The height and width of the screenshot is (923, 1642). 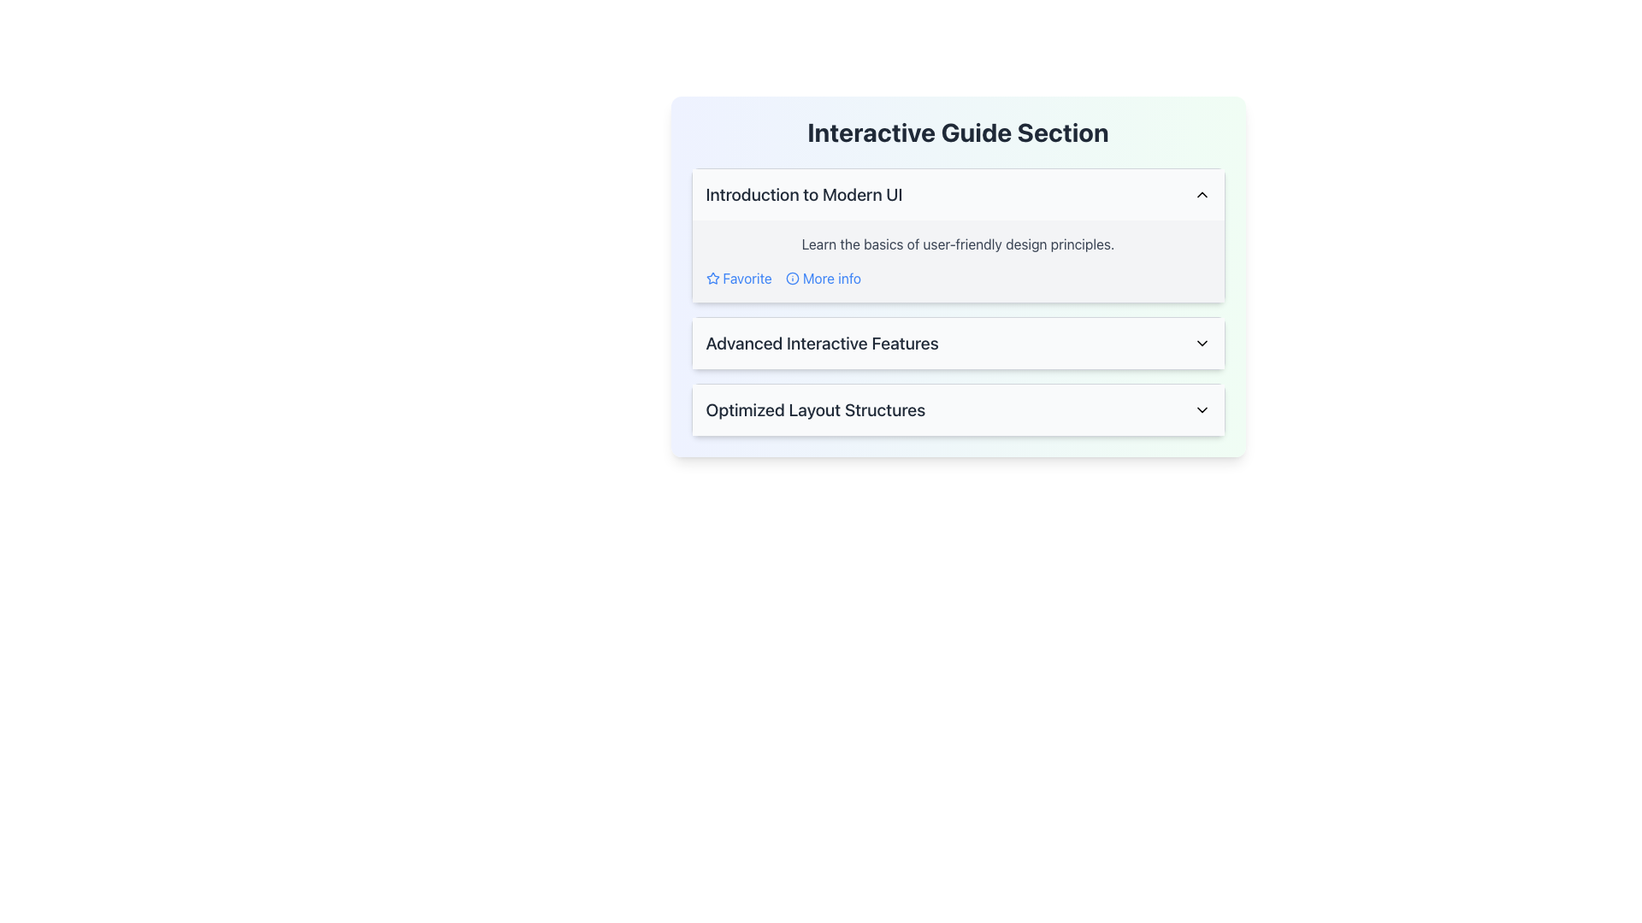 What do you see at coordinates (791, 278) in the screenshot?
I see `the SVG graphic element (circle) that appears to the right of the 'Favorite' text and just before the 'More info' link in the first expandable section titled 'Introduction to Modern UI'` at bounding box center [791, 278].